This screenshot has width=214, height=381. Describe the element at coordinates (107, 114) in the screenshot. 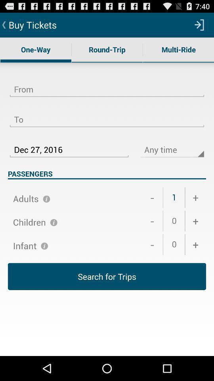

I see `the destination` at that location.